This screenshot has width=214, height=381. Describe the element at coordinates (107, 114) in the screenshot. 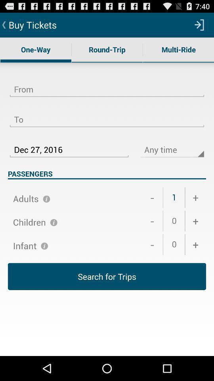

I see `the destination` at that location.